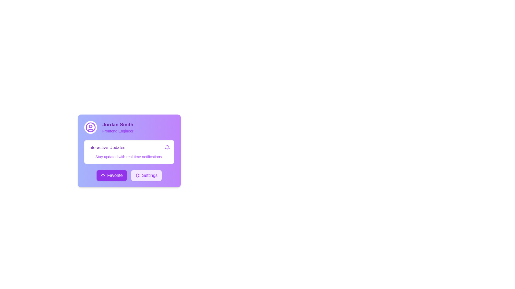 This screenshot has width=515, height=289. I want to click on the settings button located in the footer section of the card-like component, so click(146, 175).